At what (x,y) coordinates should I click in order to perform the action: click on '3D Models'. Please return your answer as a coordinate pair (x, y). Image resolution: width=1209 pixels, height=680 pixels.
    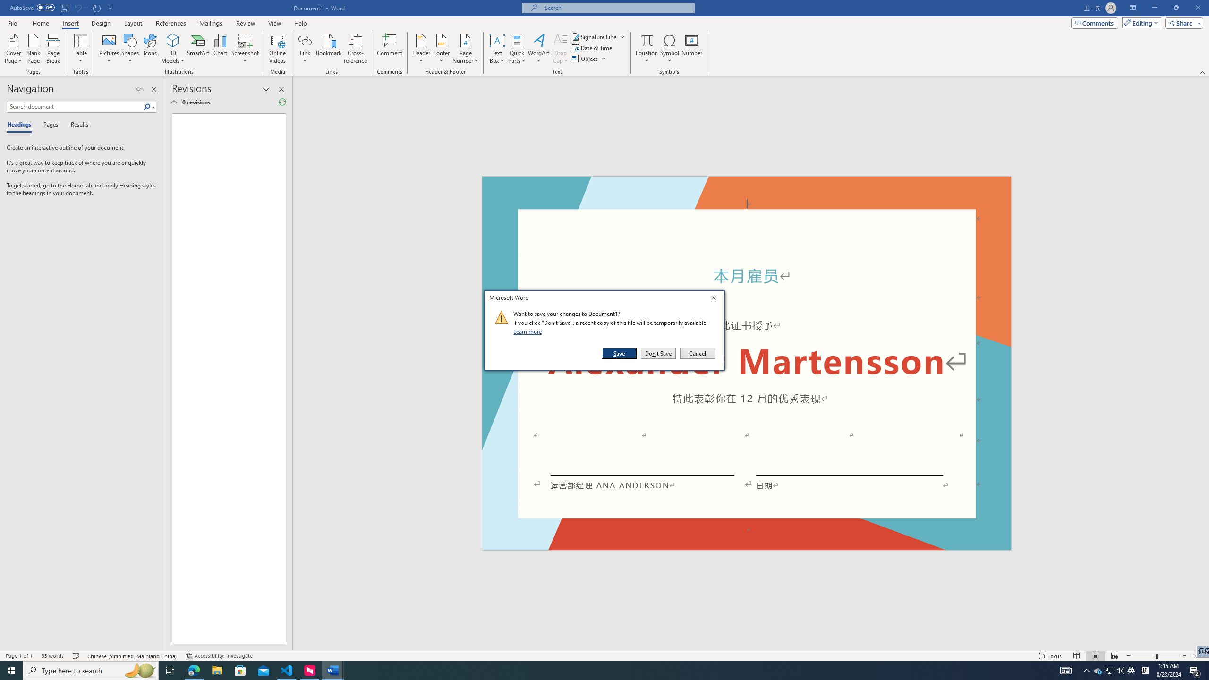
    Looking at the image, I should click on (173, 40).